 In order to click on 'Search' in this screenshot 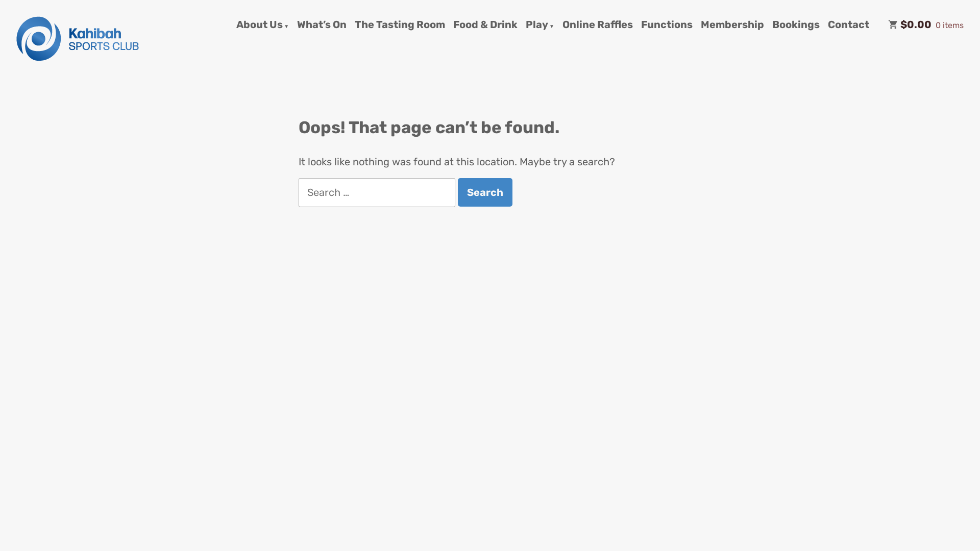, I will do `click(484, 192)`.